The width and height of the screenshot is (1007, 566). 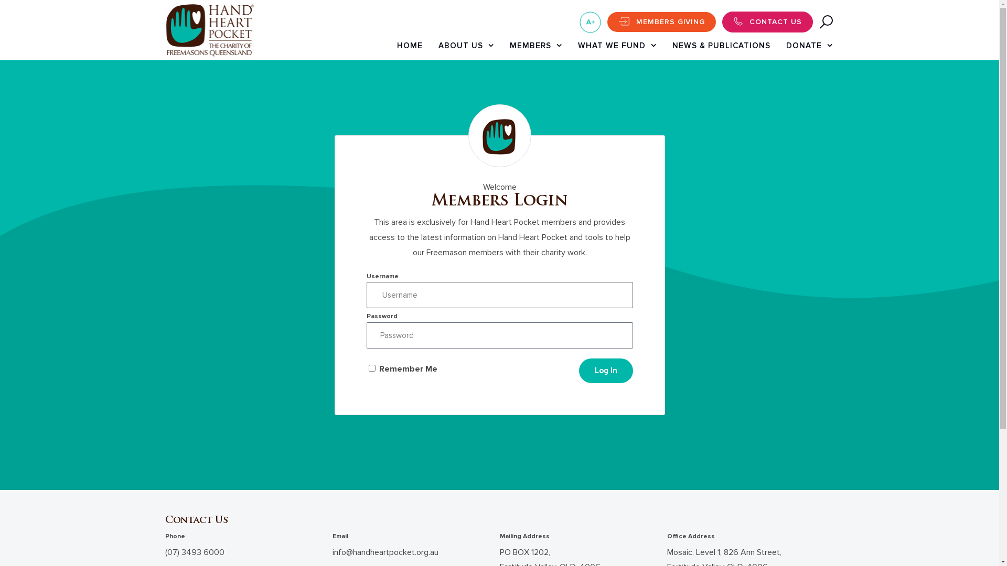 I want to click on 'Log In', so click(x=606, y=370).